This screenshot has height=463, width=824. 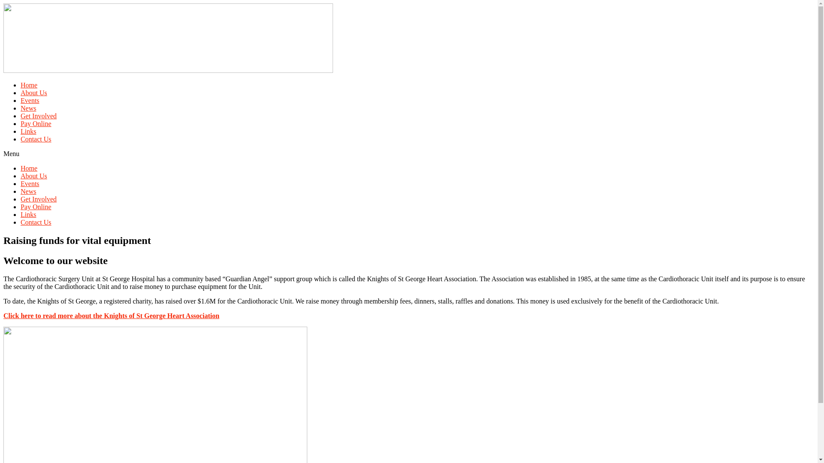 What do you see at coordinates (35, 138) in the screenshot?
I see `'Contact Us'` at bounding box center [35, 138].